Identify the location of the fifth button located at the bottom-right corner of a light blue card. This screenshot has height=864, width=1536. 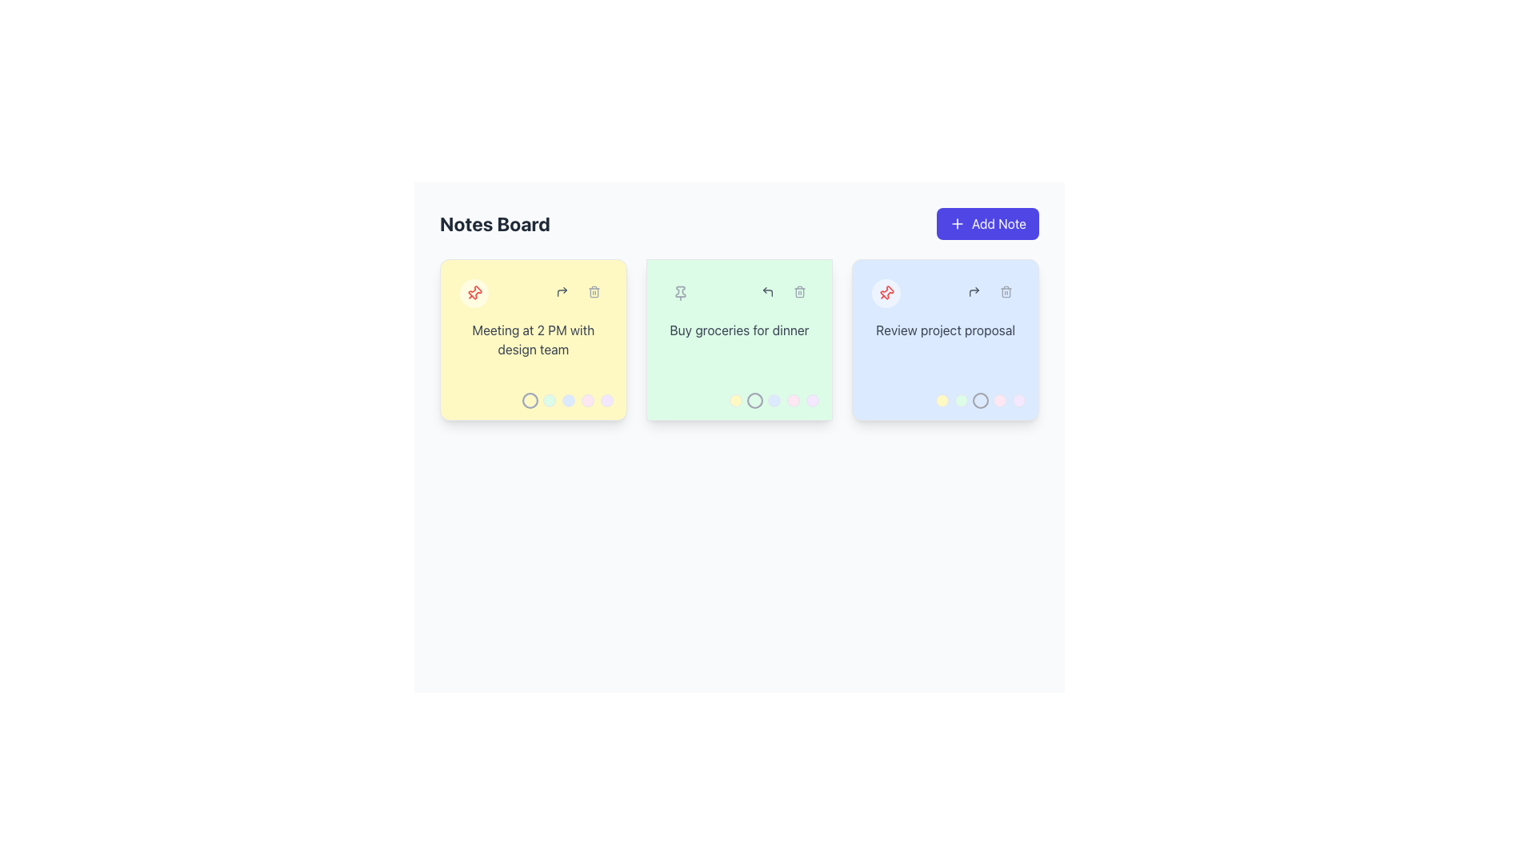
(1018, 400).